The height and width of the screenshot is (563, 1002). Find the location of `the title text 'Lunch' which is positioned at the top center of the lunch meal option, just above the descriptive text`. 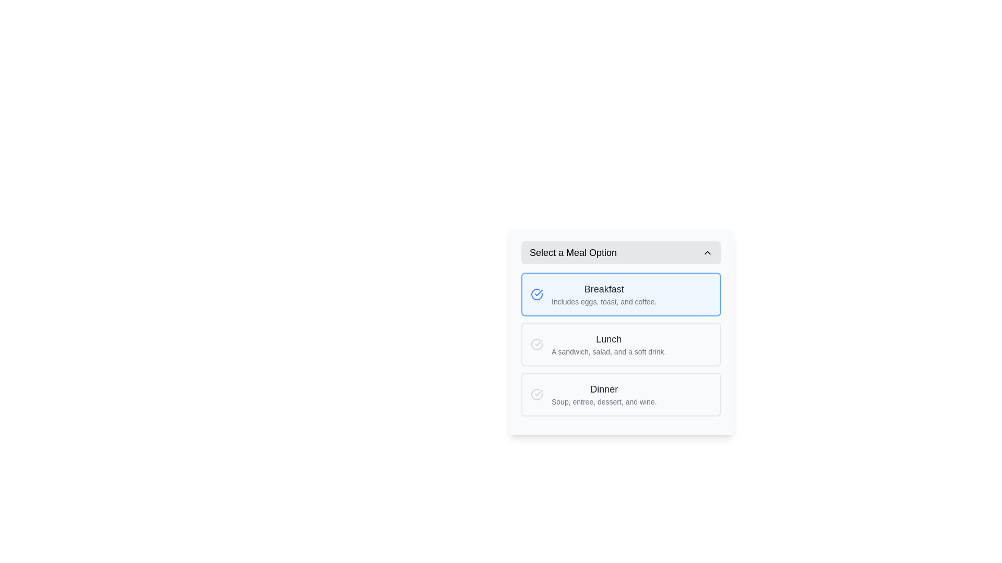

the title text 'Lunch' which is positioned at the top center of the lunch meal option, just above the descriptive text is located at coordinates (609, 339).